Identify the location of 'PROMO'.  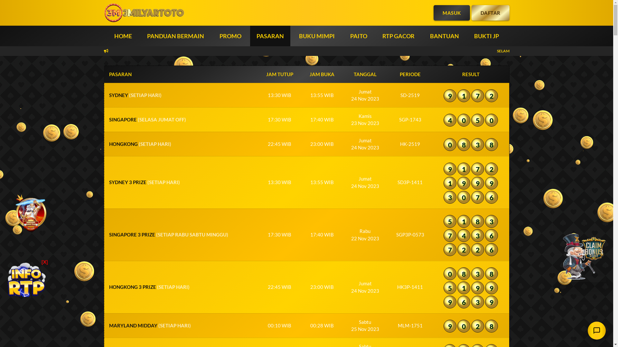
(230, 36).